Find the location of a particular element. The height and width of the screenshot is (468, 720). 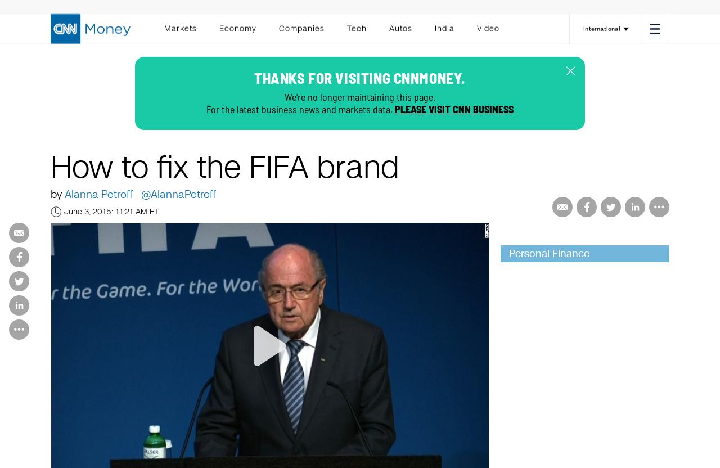

'Alanna Petroff' is located at coordinates (98, 194).